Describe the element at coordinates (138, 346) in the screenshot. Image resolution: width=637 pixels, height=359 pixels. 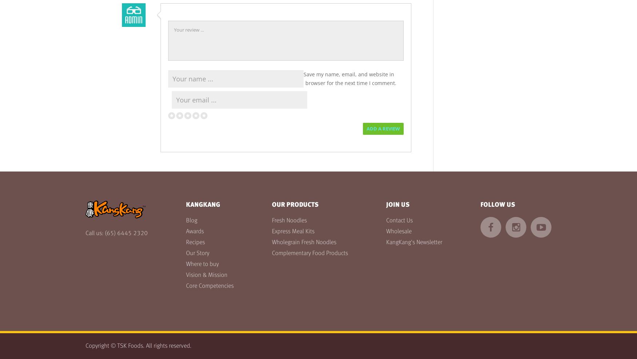
I see `'Copyright © TSK Foods. All rights reserved.'` at that location.